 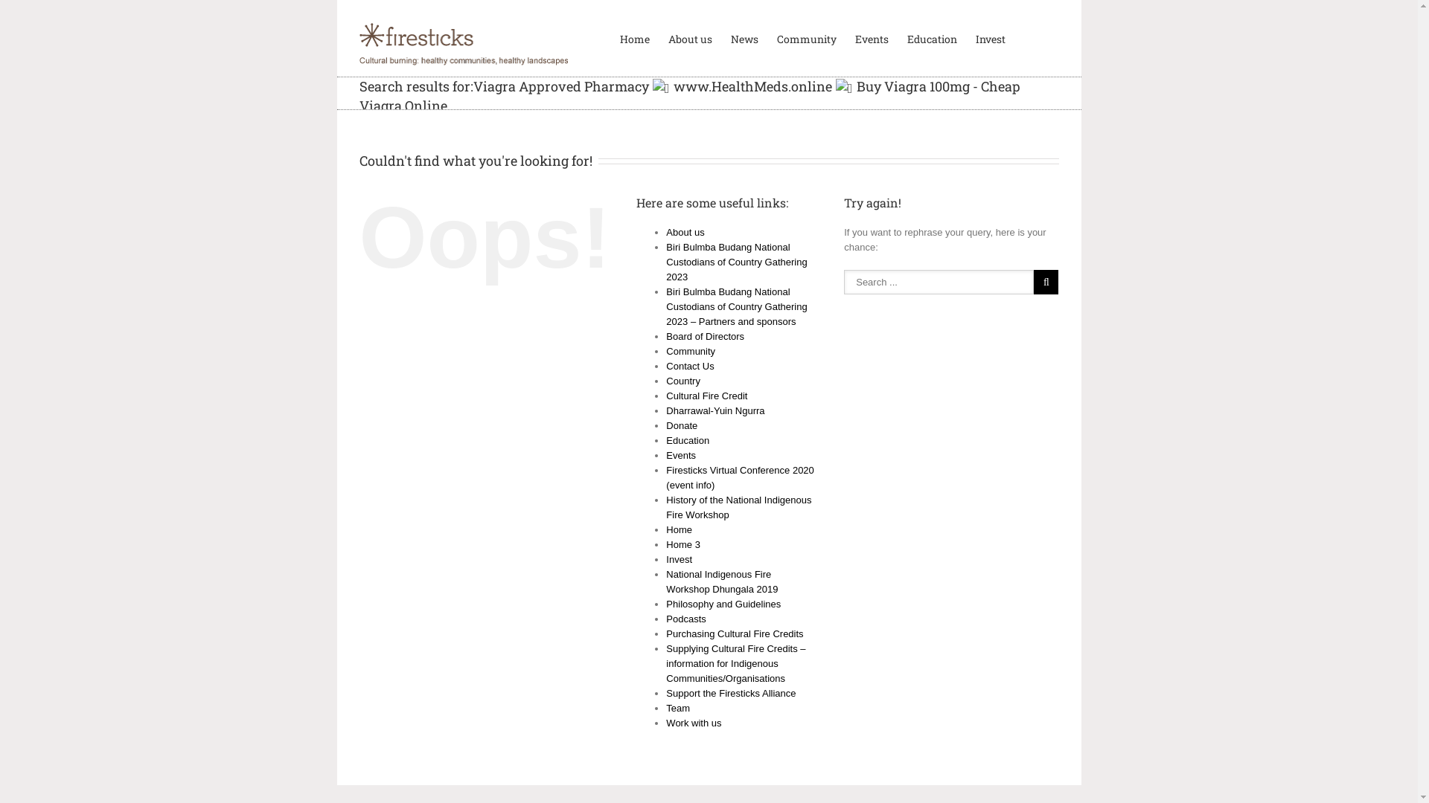 What do you see at coordinates (721, 581) in the screenshot?
I see `'National Indigenous Fire Workshop Dhungala 2019'` at bounding box center [721, 581].